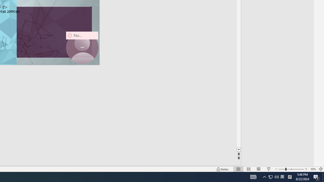 Image resolution: width=324 pixels, height=182 pixels. Describe the element at coordinates (313, 169) in the screenshot. I see `'Zoom 59%'` at that location.